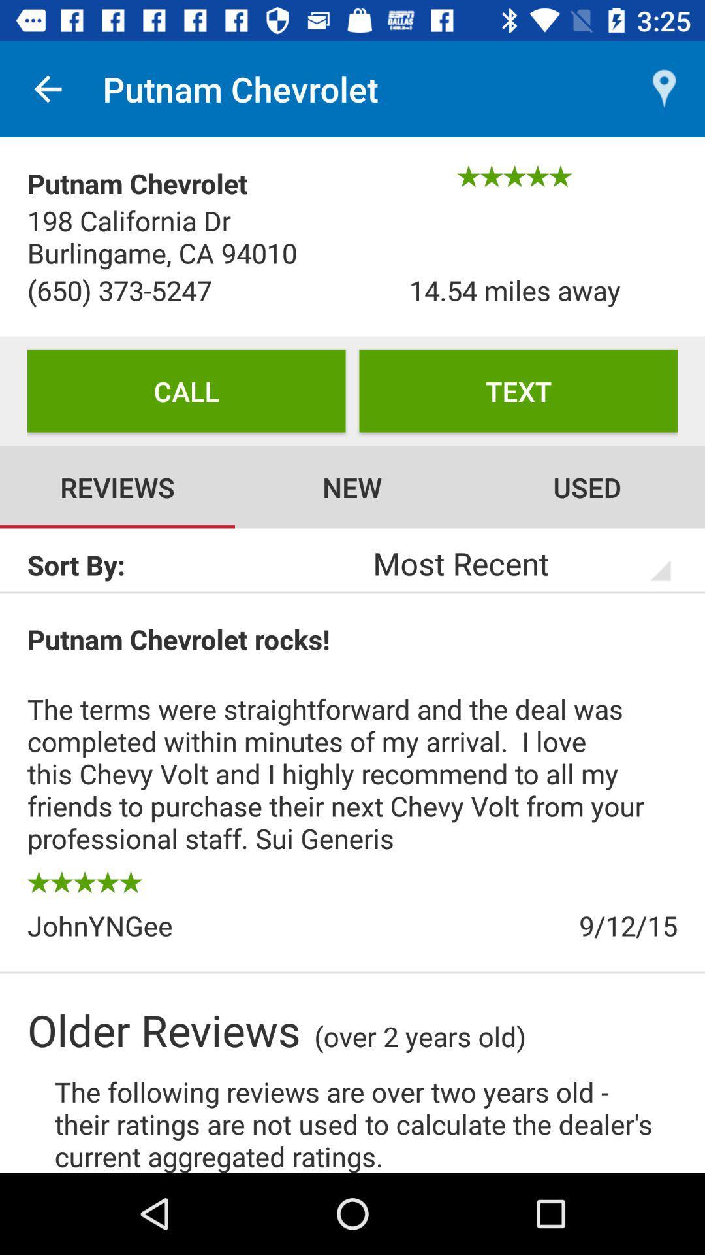 This screenshot has width=705, height=1255. Describe the element at coordinates (189, 565) in the screenshot. I see `the icon below reviews` at that location.